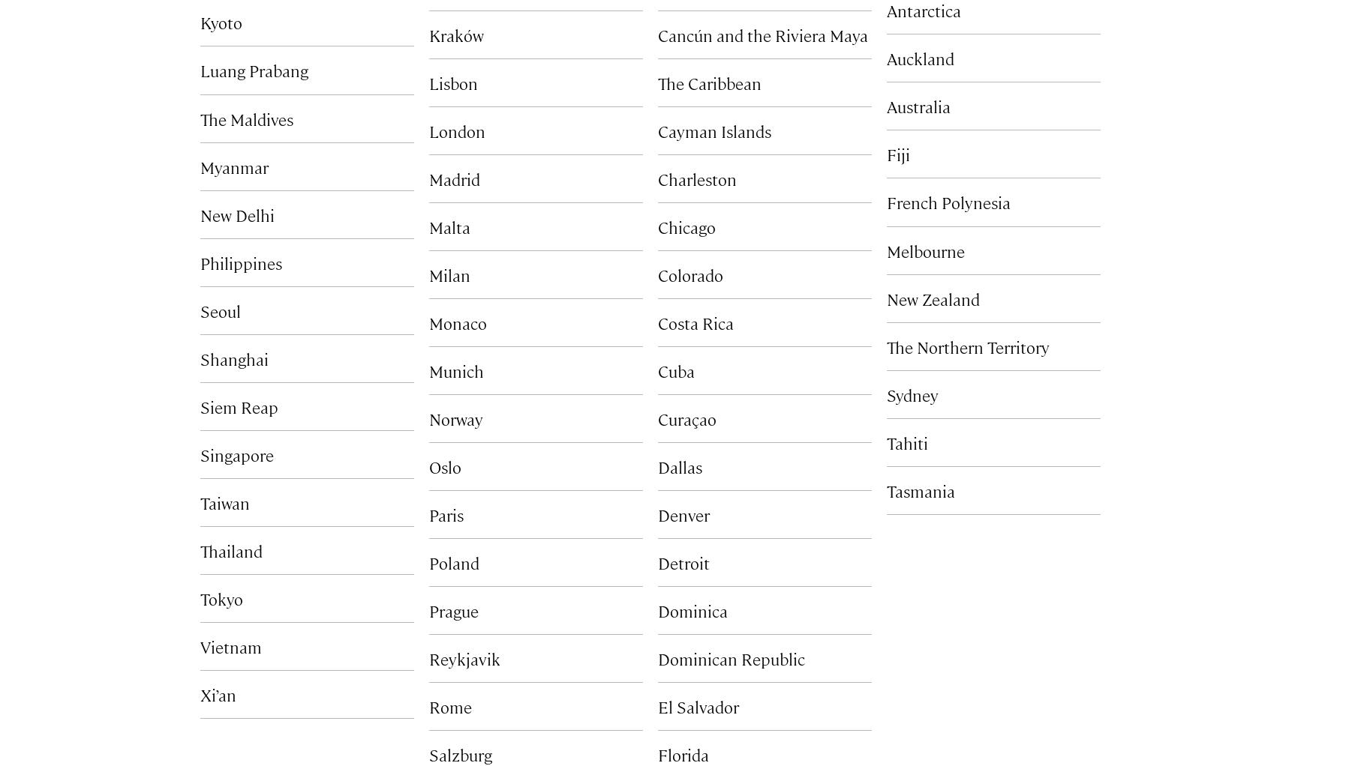 This screenshot has height=766, width=1349. I want to click on 'Tahiti', so click(906, 441).